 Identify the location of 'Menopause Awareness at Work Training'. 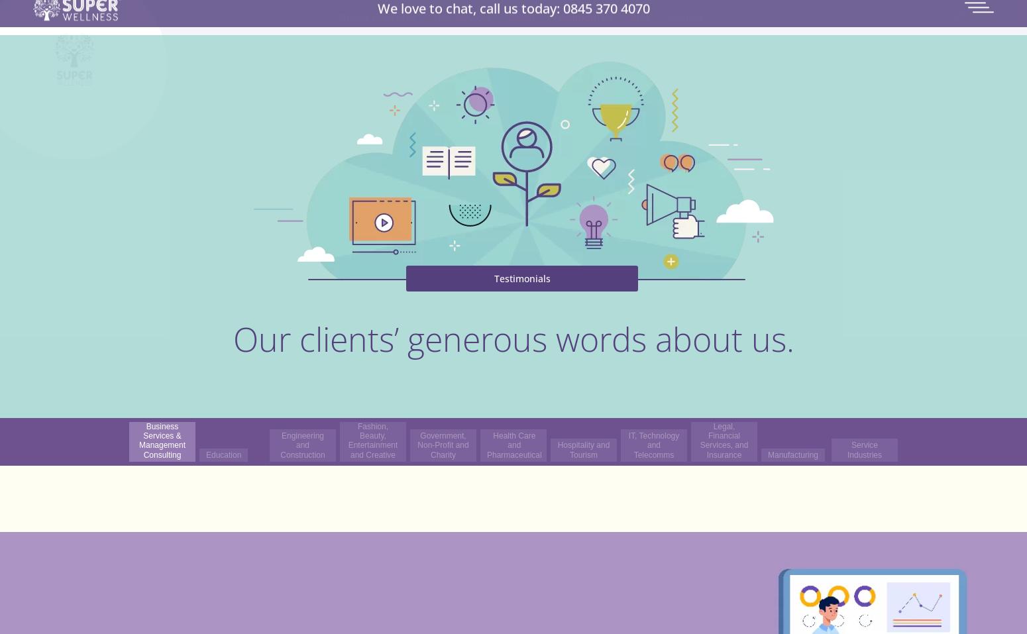
(508, 155).